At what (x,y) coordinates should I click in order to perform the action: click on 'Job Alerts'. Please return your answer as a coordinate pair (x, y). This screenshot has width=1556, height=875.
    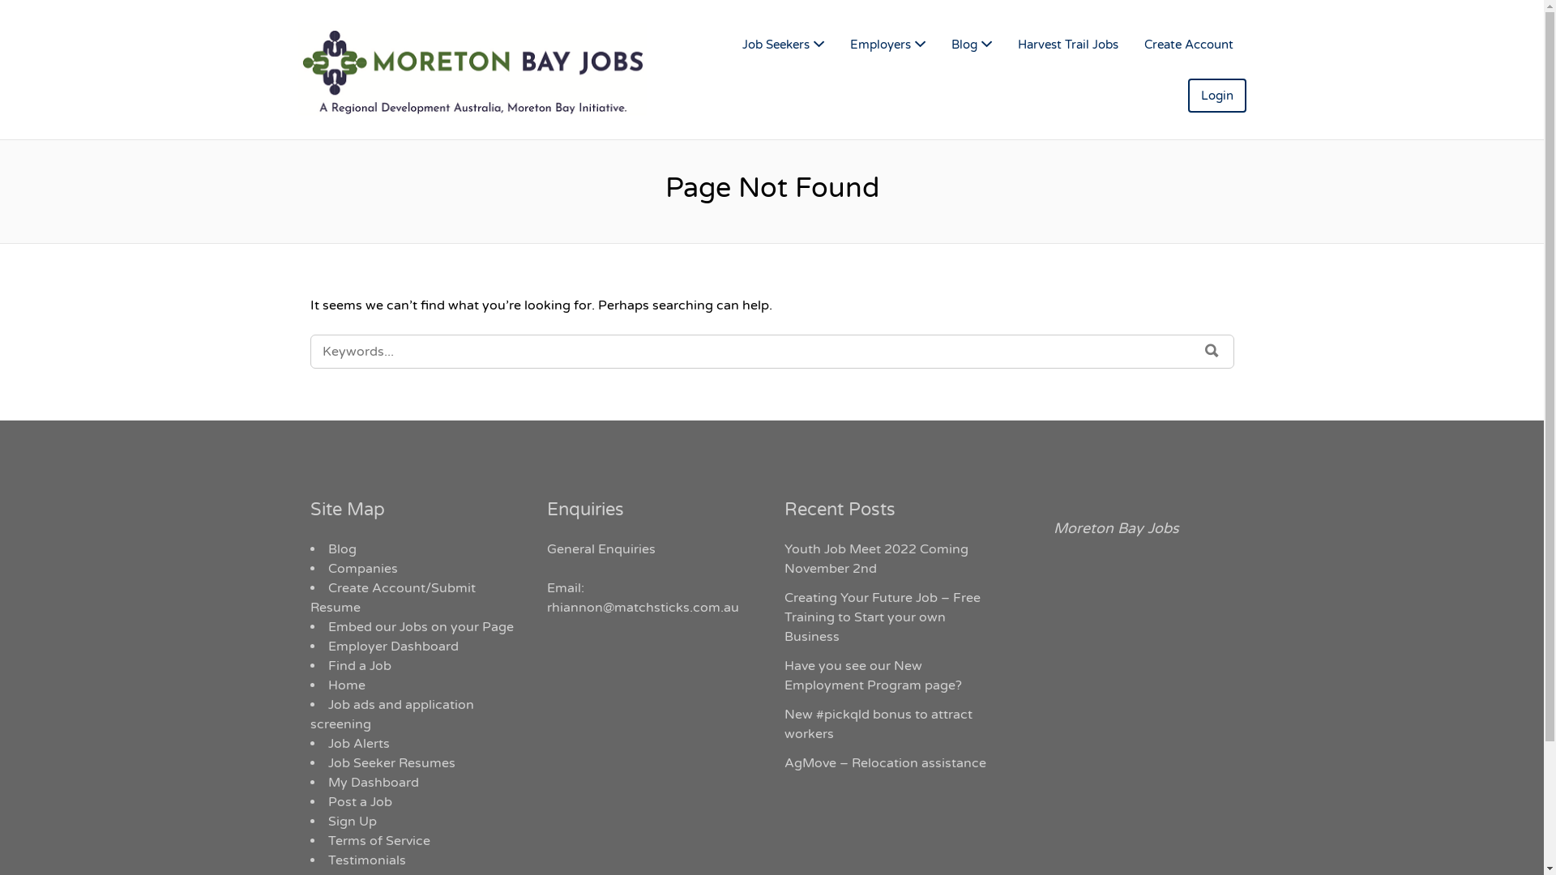
    Looking at the image, I should click on (357, 744).